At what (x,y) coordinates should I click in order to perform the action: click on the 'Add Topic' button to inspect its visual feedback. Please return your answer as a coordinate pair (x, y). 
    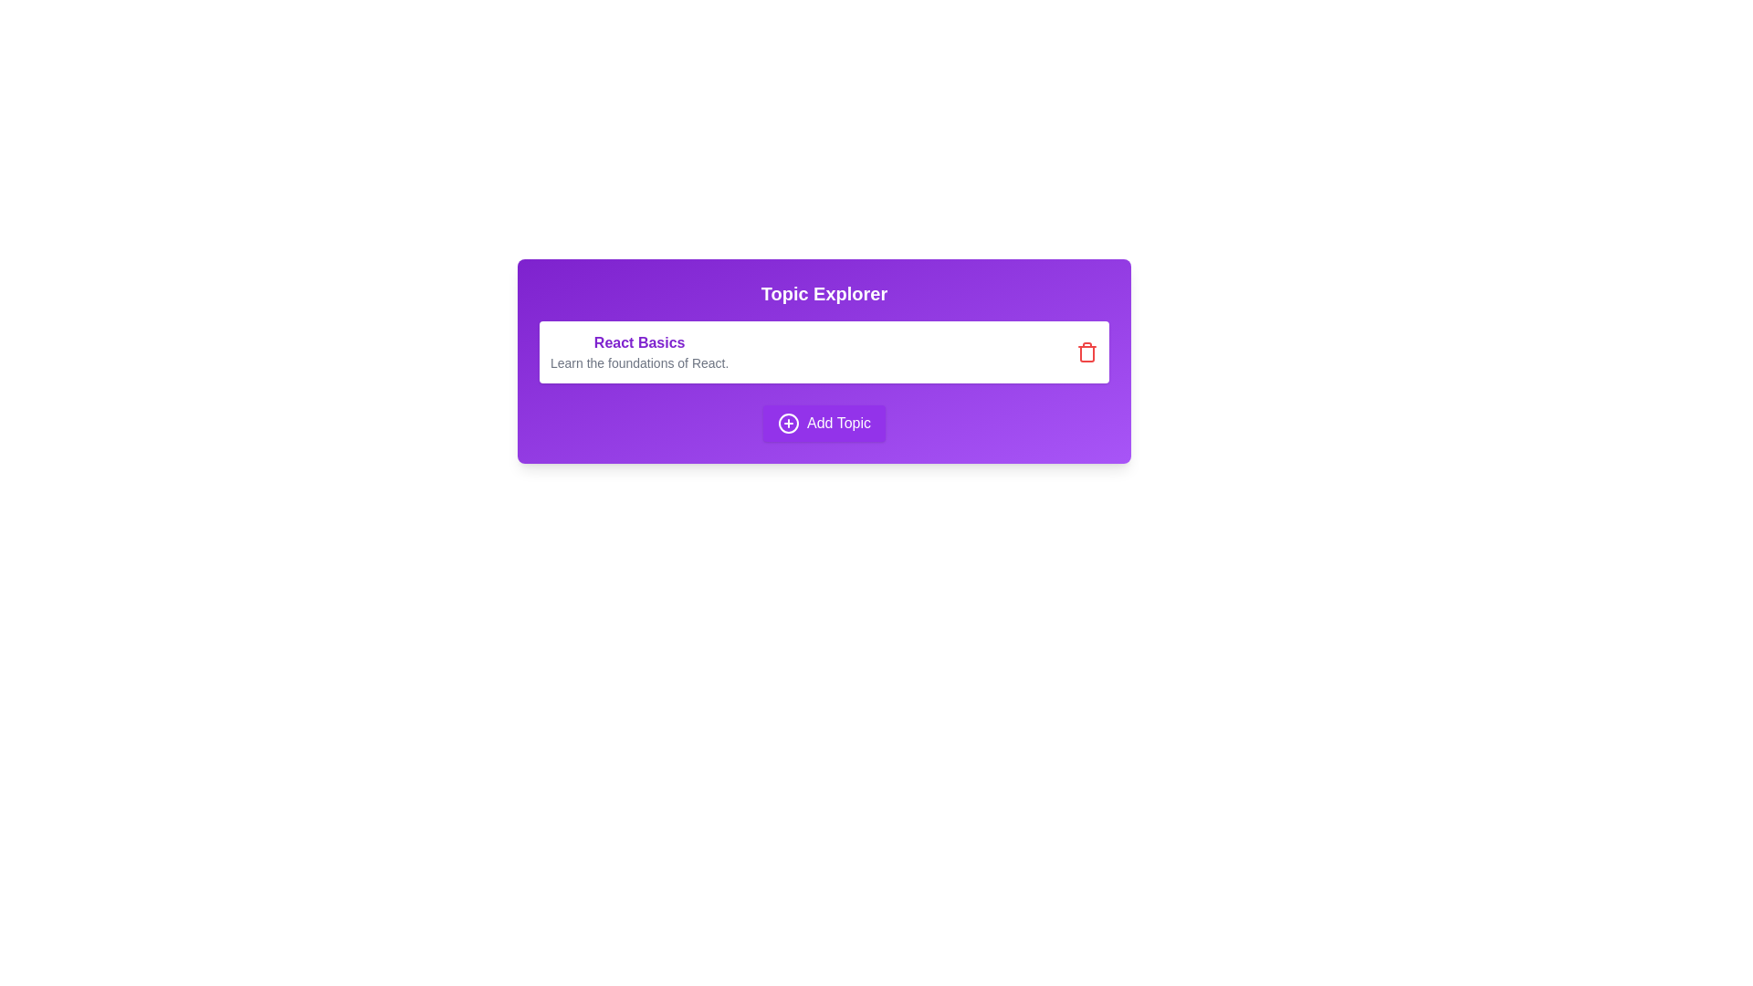
    Looking at the image, I should click on (823, 423).